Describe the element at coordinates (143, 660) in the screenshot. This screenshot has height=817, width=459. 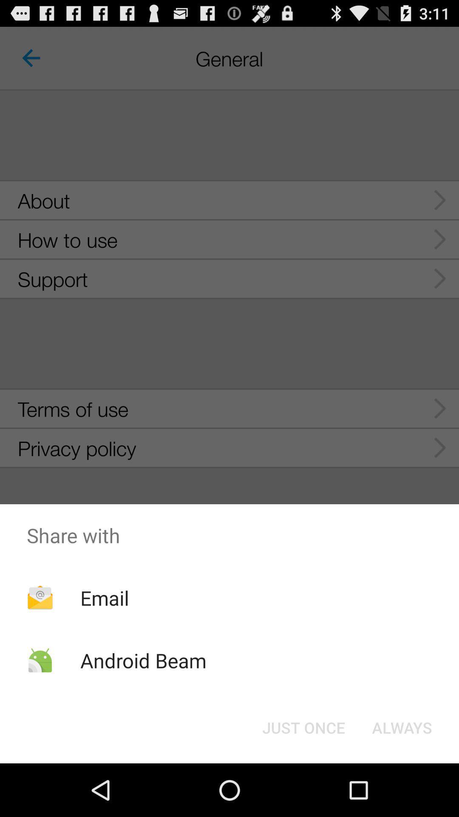
I see `the android beam icon` at that location.